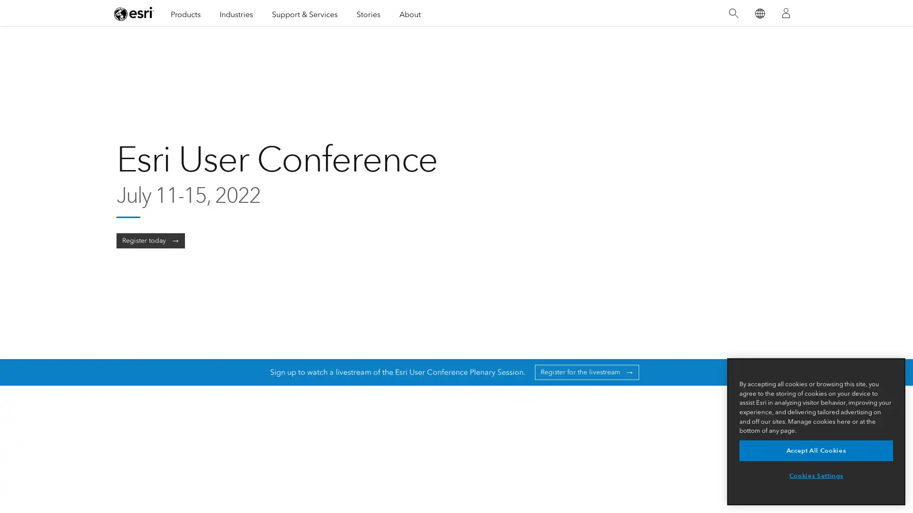 This screenshot has width=913, height=513. Describe the element at coordinates (733, 13) in the screenshot. I see `Search` at that location.